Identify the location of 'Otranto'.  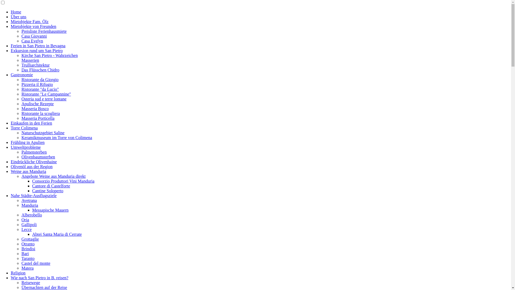
(28, 244).